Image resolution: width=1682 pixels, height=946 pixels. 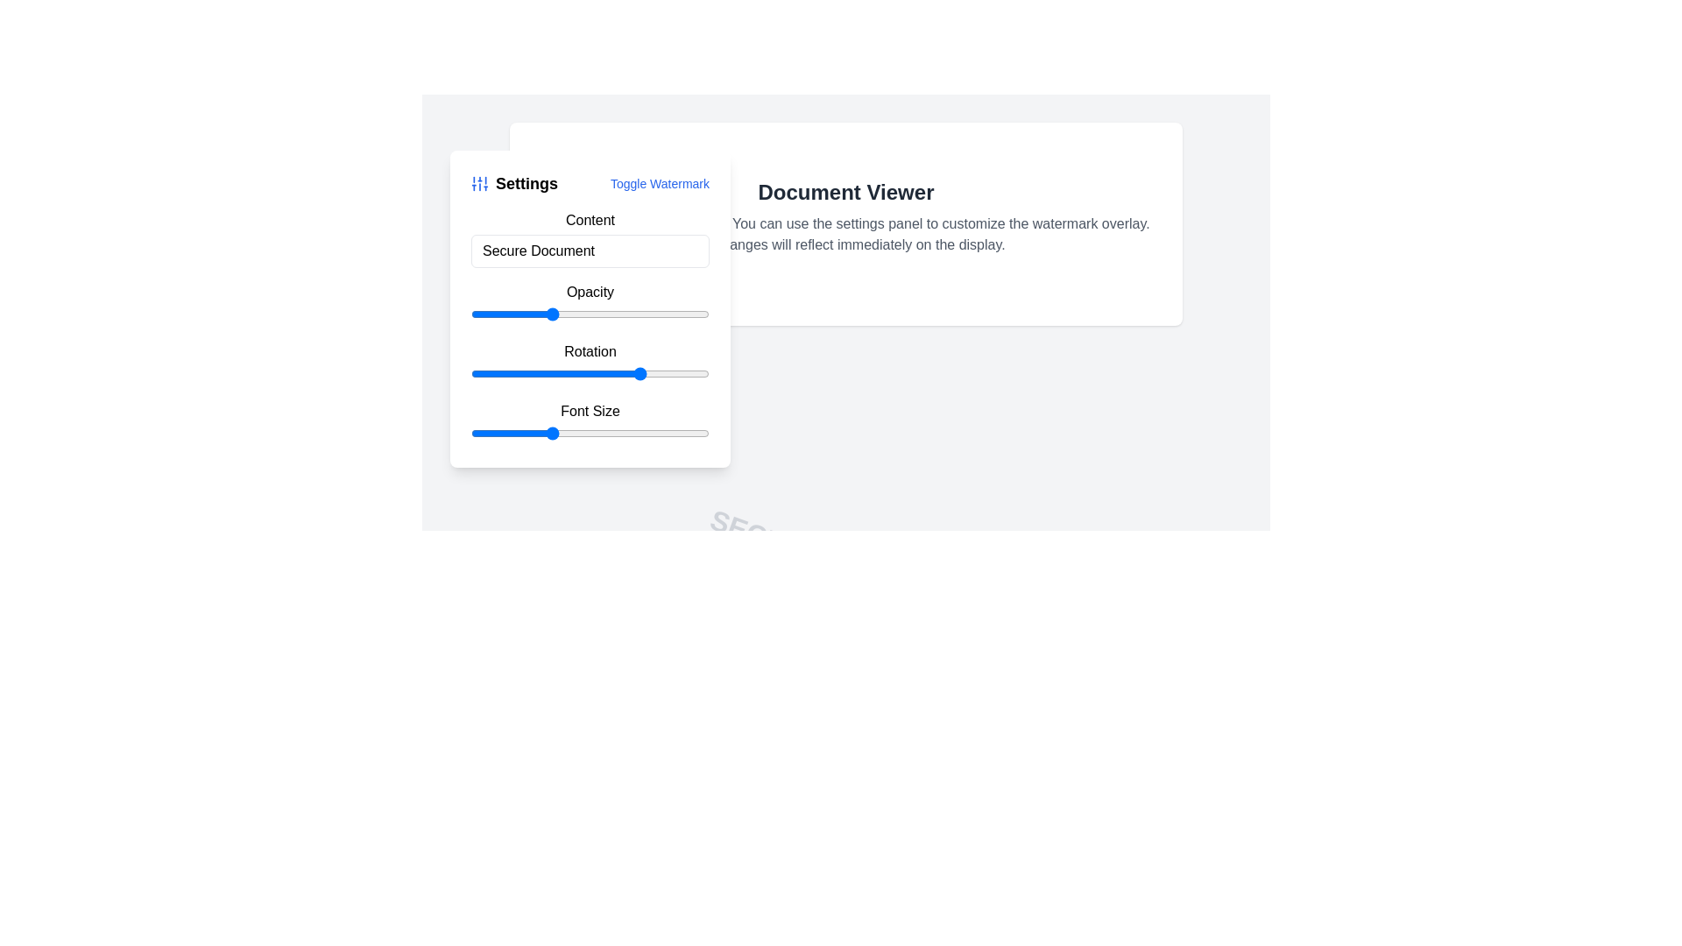 What do you see at coordinates (671, 373) in the screenshot?
I see `rotation` at bounding box center [671, 373].